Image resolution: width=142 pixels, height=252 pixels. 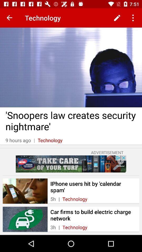 What do you see at coordinates (9, 18) in the screenshot?
I see `go back` at bounding box center [9, 18].